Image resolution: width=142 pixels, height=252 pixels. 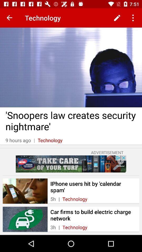 What do you see at coordinates (9, 18) in the screenshot?
I see `go back` at bounding box center [9, 18].